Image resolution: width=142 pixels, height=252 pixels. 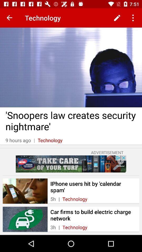 What do you see at coordinates (9, 18) in the screenshot?
I see `go back` at bounding box center [9, 18].